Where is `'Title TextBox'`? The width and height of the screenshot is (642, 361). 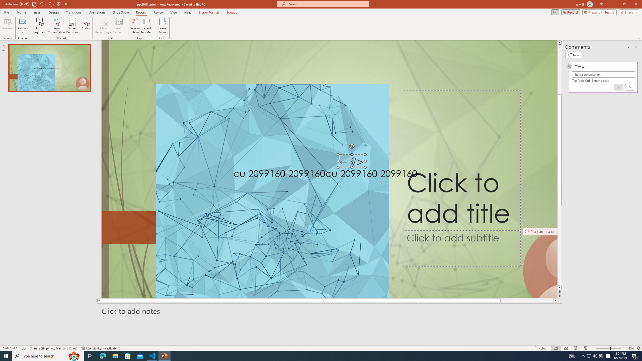
'Title TextBox' is located at coordinates (461, 160).